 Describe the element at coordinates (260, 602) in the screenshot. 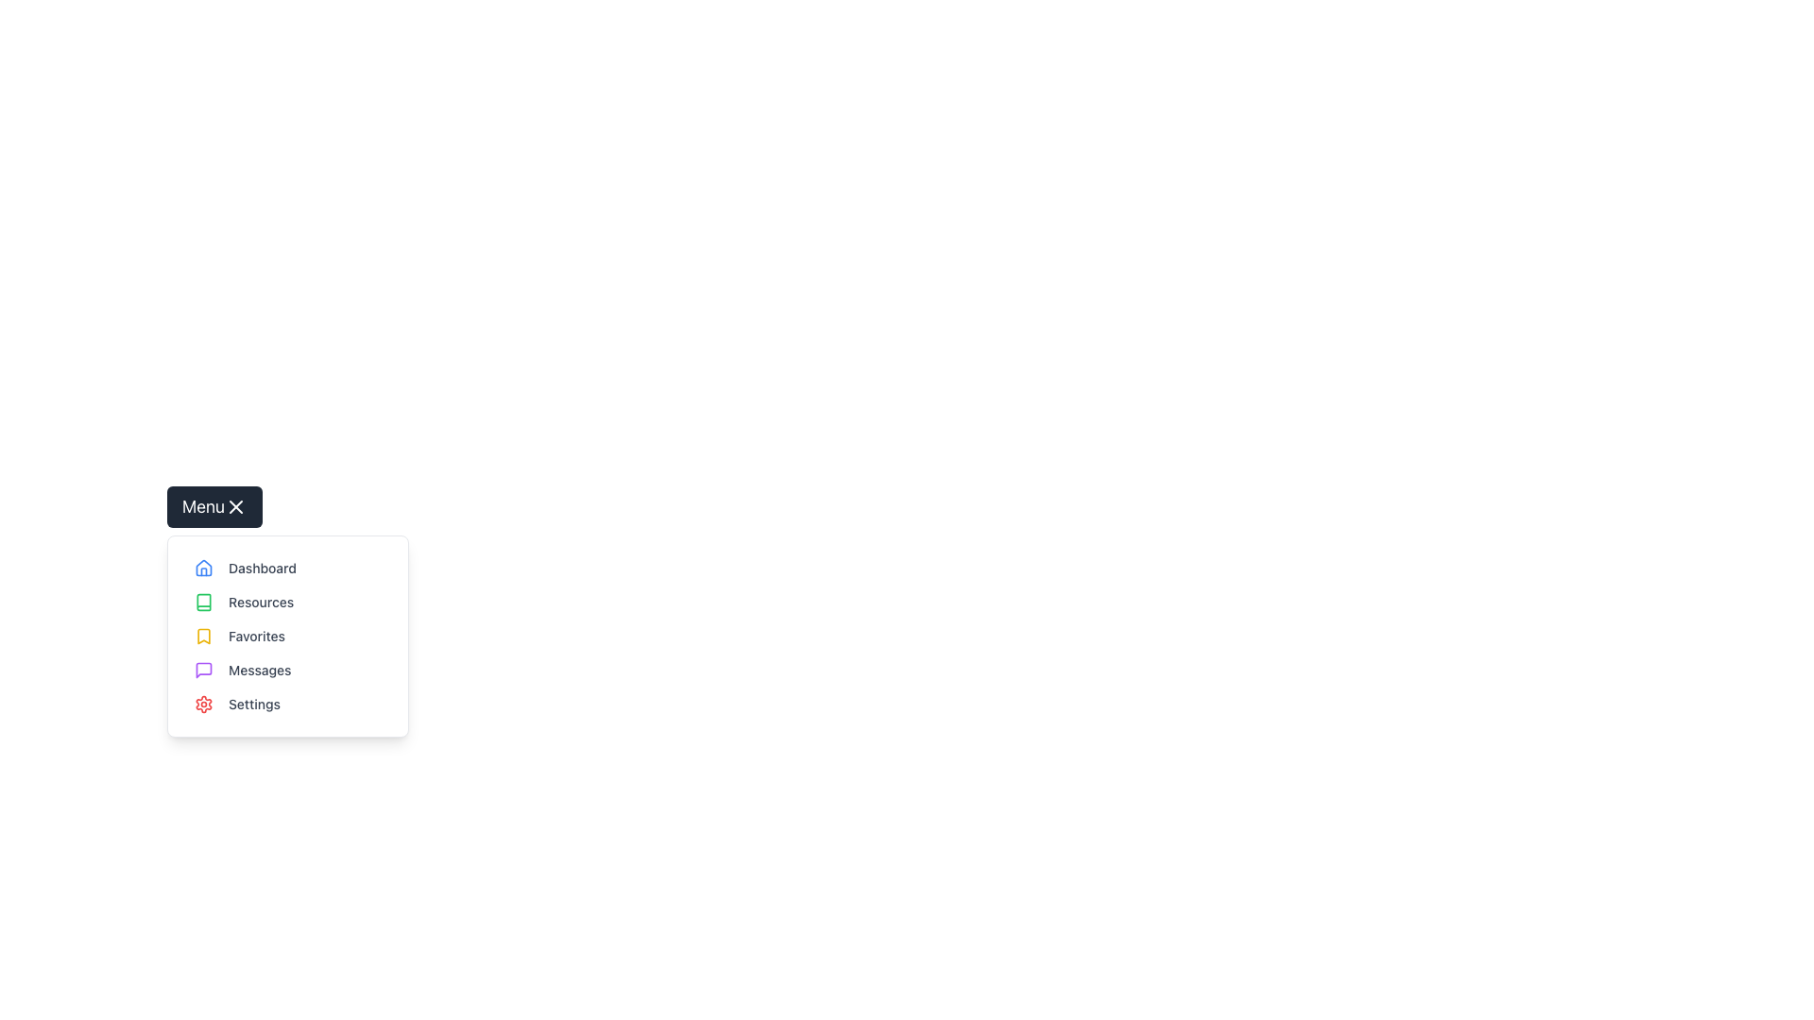

I see `the 'Resources' text label in the sidebar menu, which is positioned below the 'Dashboard' label and above the 'Favorites' label` at that location.